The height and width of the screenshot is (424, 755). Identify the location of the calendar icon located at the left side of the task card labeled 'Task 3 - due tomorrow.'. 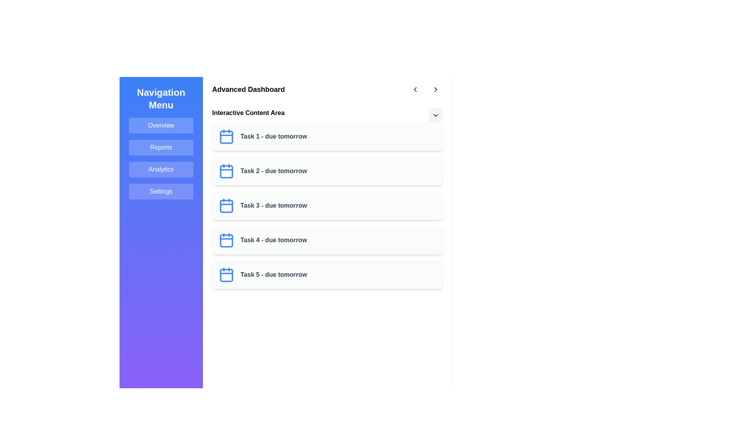
(226, 205).